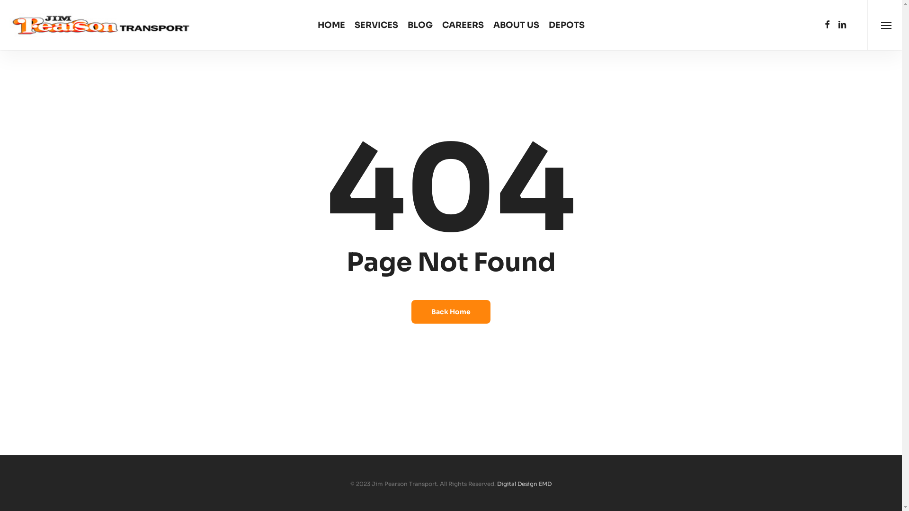 This screenshot has height=511, width=909. I want to click on 'HOME', so click(331, 25).